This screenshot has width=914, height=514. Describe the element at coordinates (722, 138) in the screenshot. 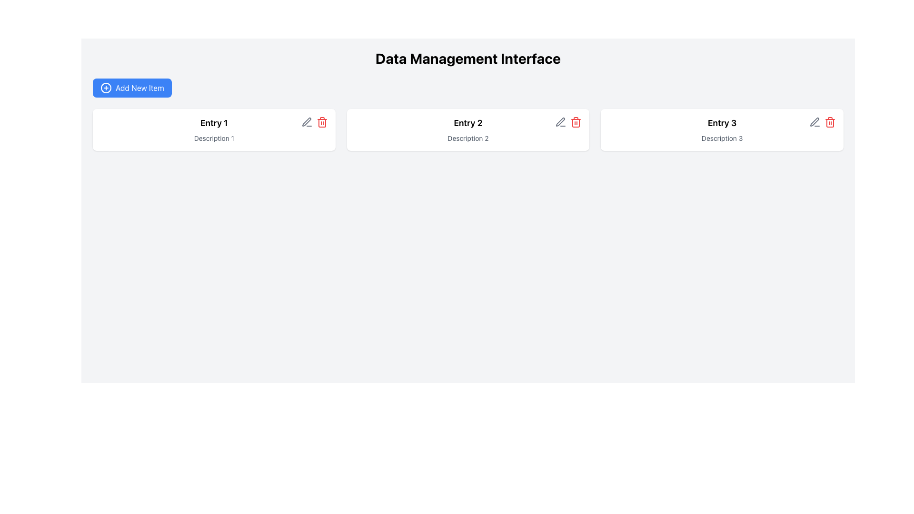

I see `the static text label element containing 'Description 3', which is located below the bold 'Entry 3' text in the third card of a three-column layout` at that location.